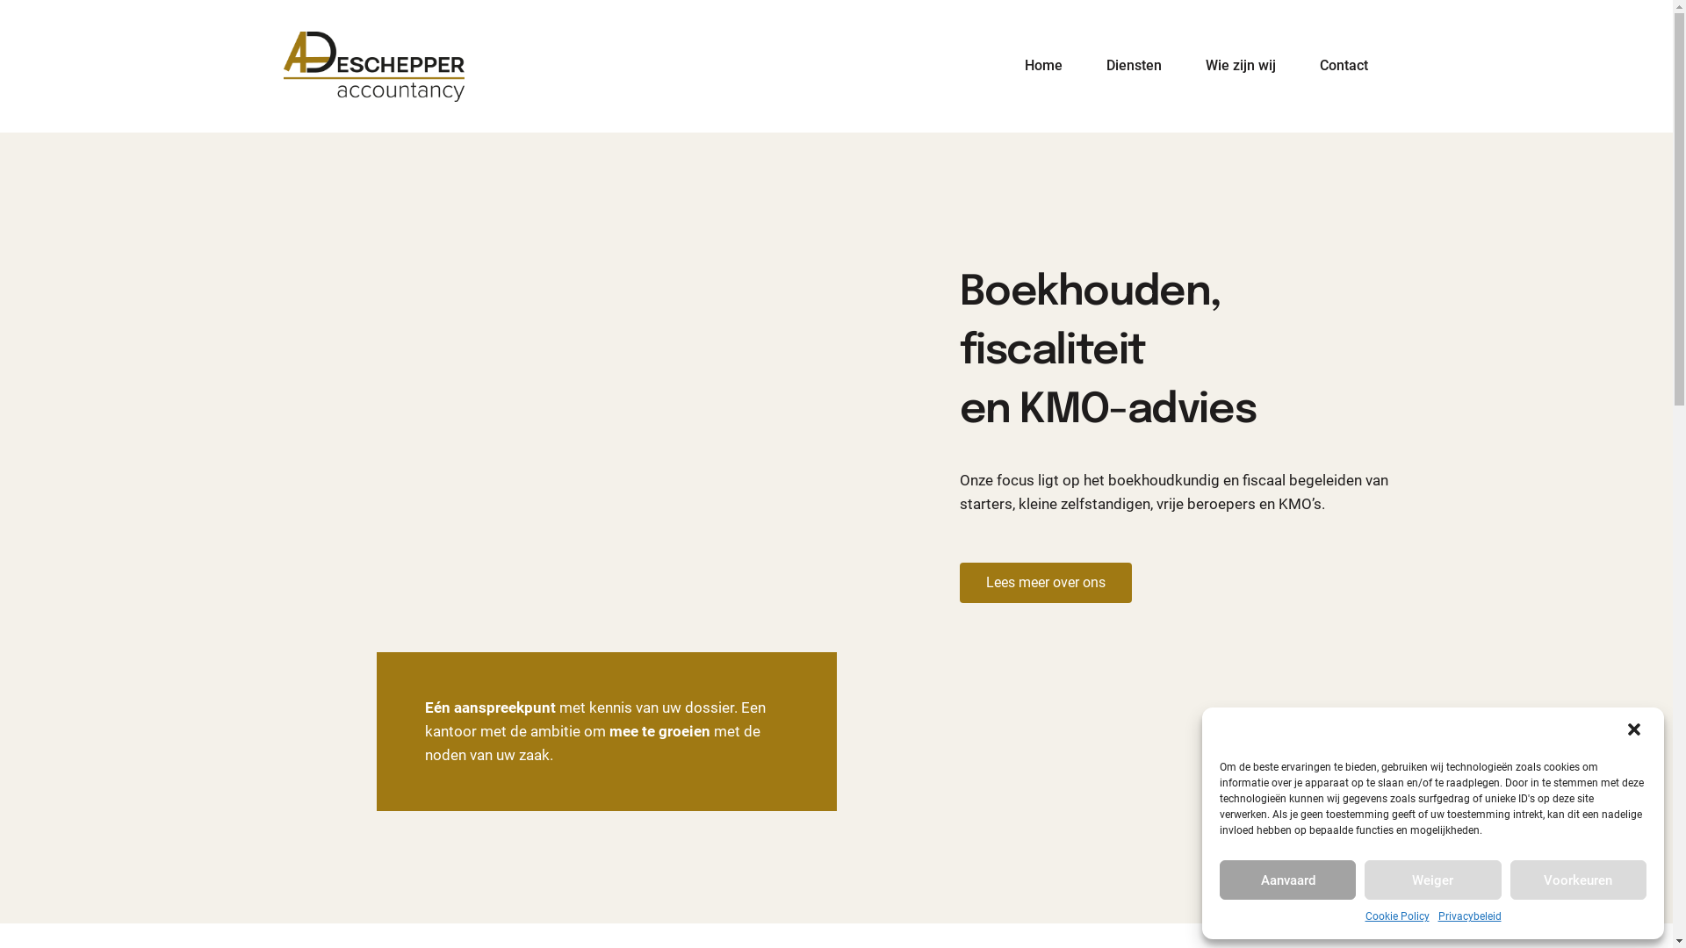  What do you see at coordinates (1043, 65) in the screenshot?
I see `'Home'` at bounding box center [1043, 65].